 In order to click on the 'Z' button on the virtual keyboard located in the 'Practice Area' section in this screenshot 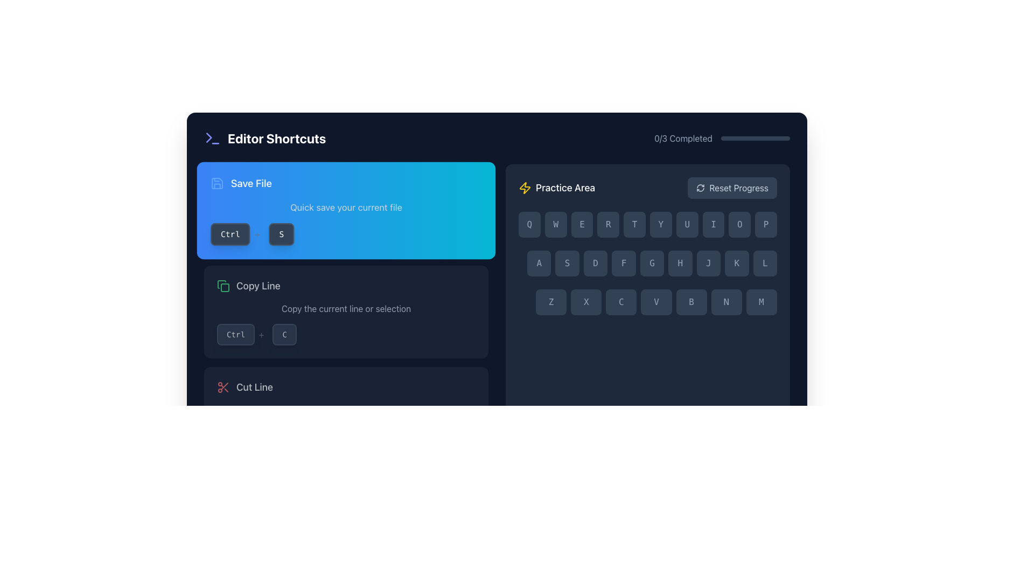, I will do `click(551, 302)`.